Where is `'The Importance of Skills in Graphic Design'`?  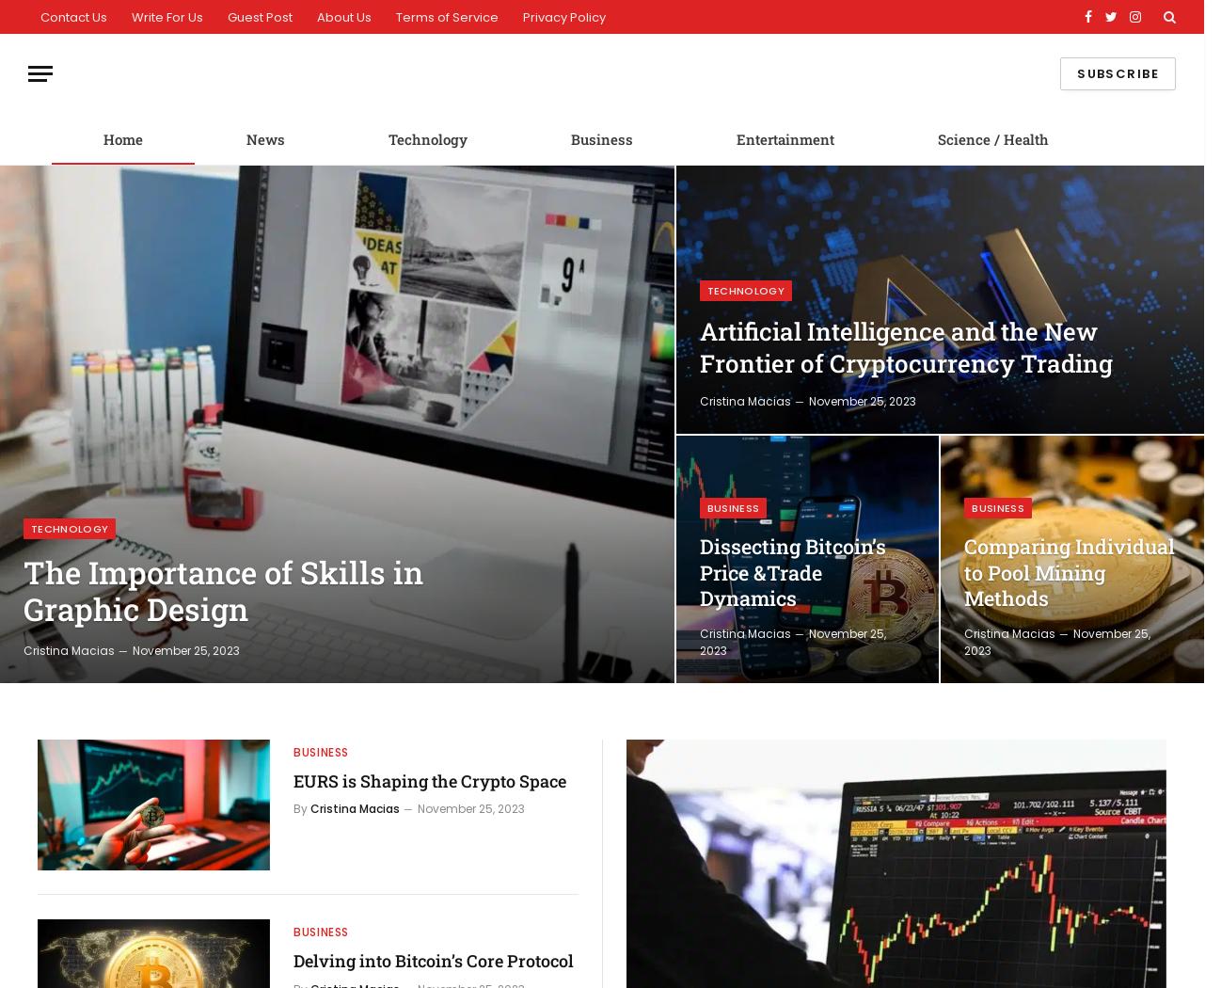
'The Importance of Skills in Graphic Design' is located at coordinates (23, 589).